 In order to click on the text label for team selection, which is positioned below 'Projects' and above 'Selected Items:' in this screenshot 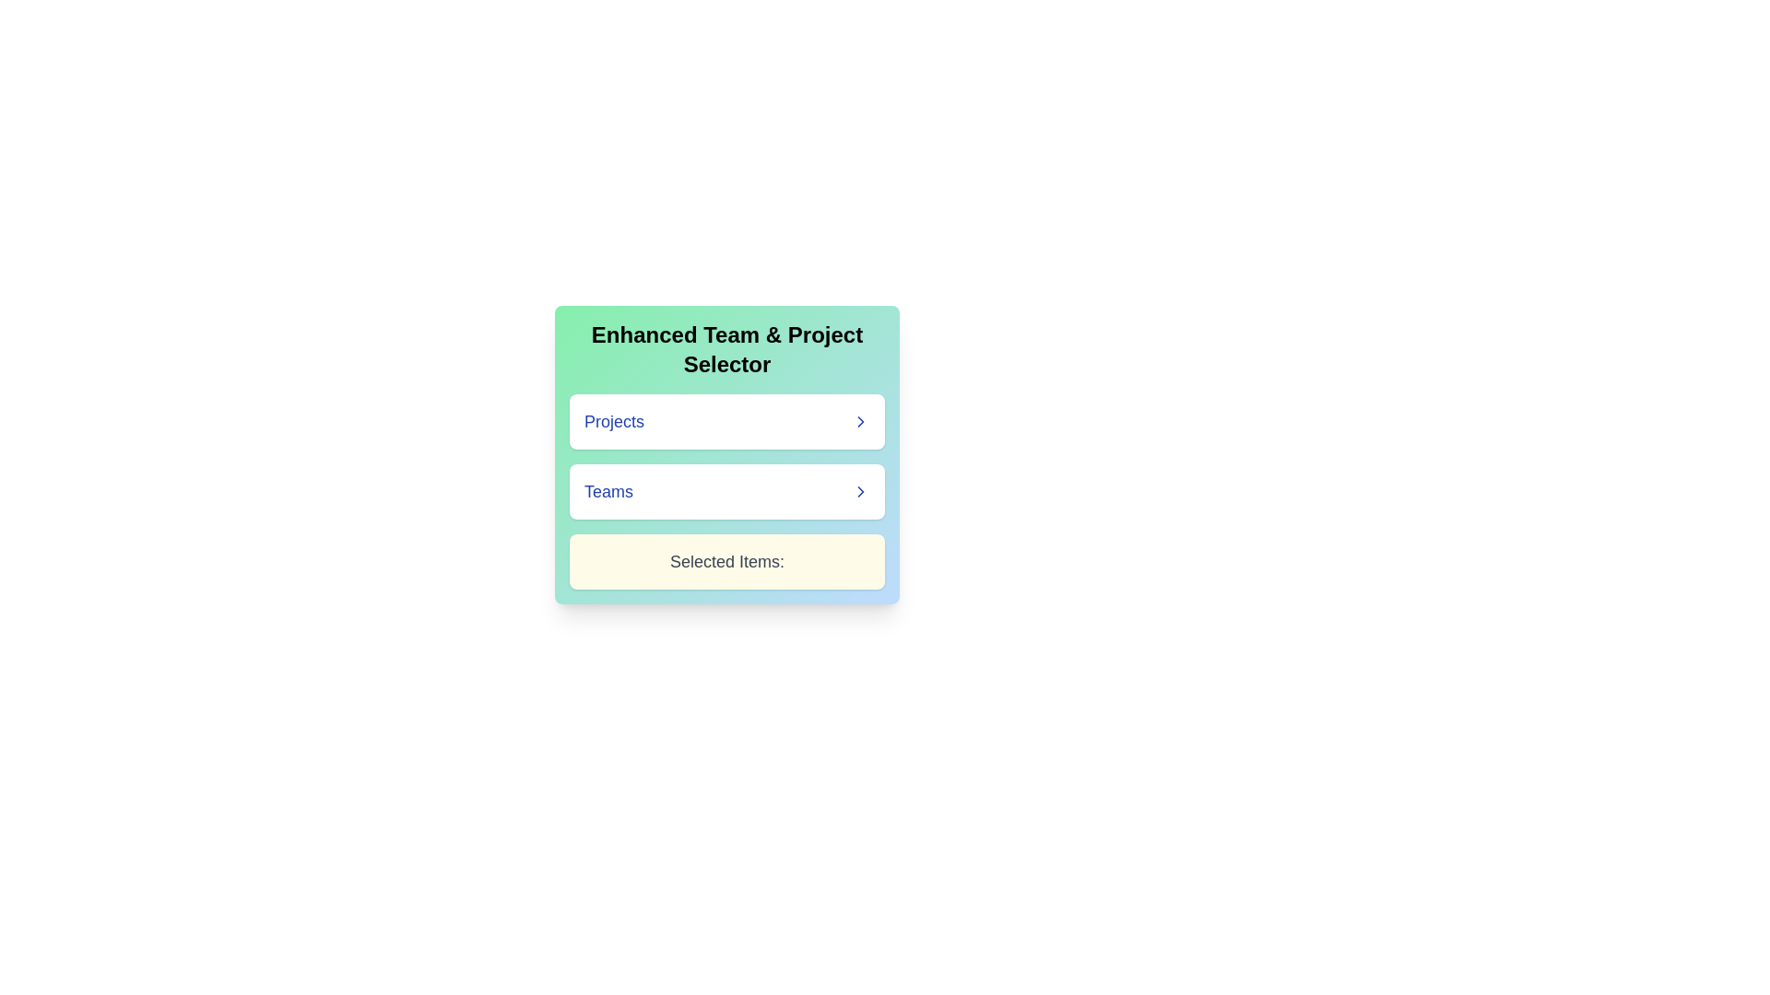, I will do `click(608, 490)`.